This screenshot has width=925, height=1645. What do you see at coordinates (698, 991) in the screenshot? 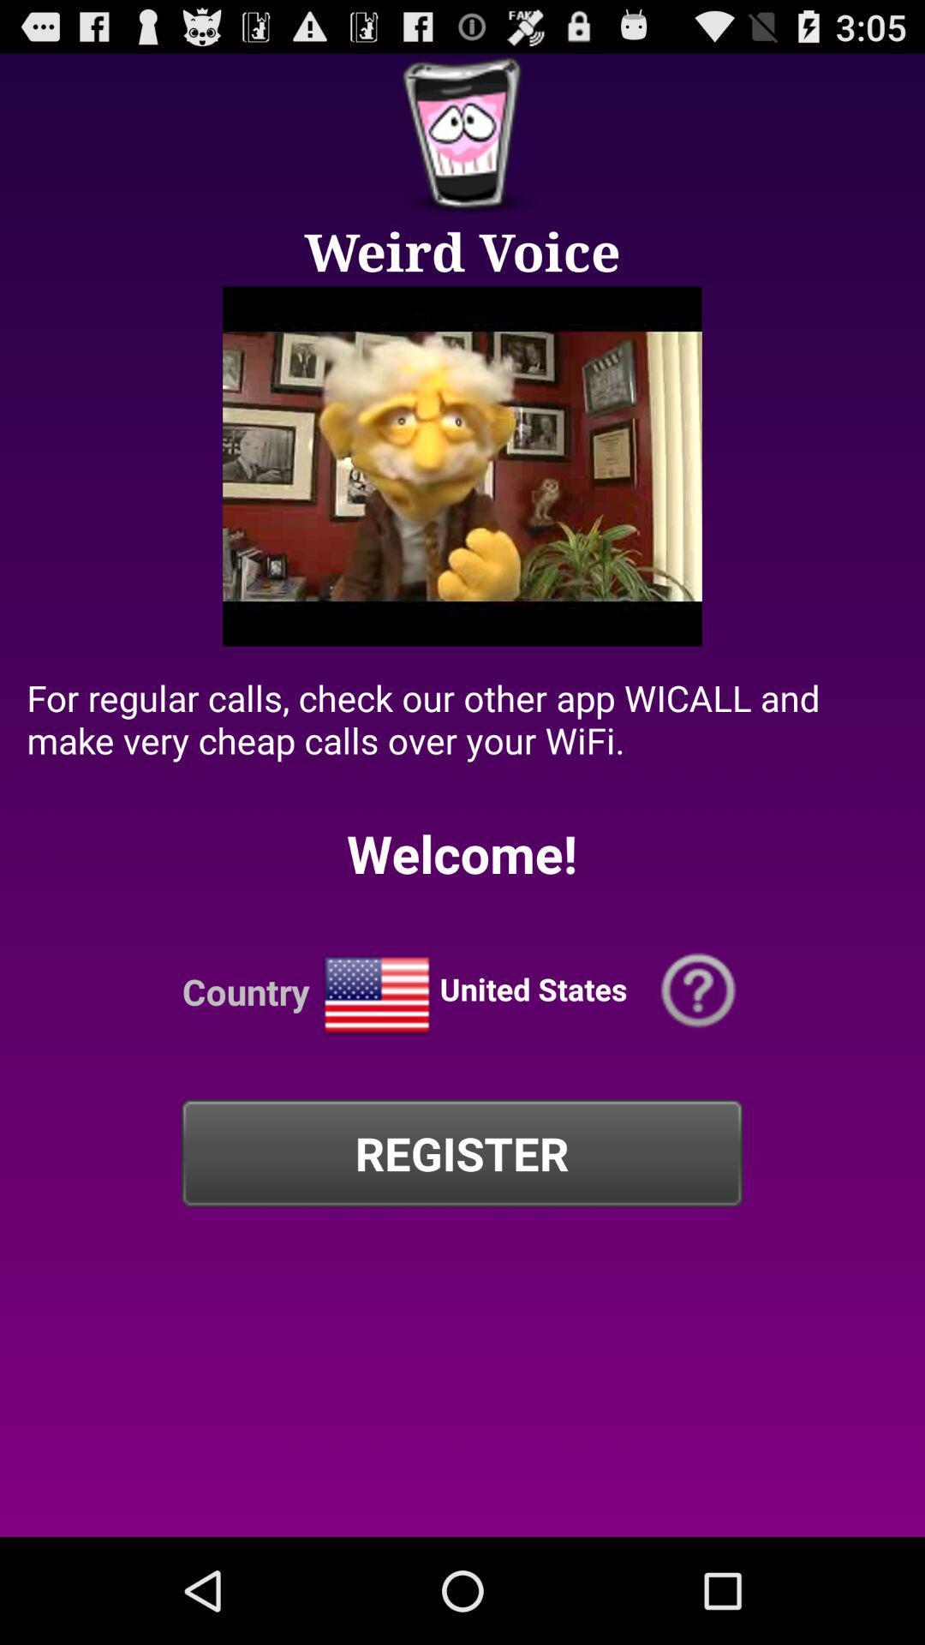
I see `help button` at bounding box center [698, 991].